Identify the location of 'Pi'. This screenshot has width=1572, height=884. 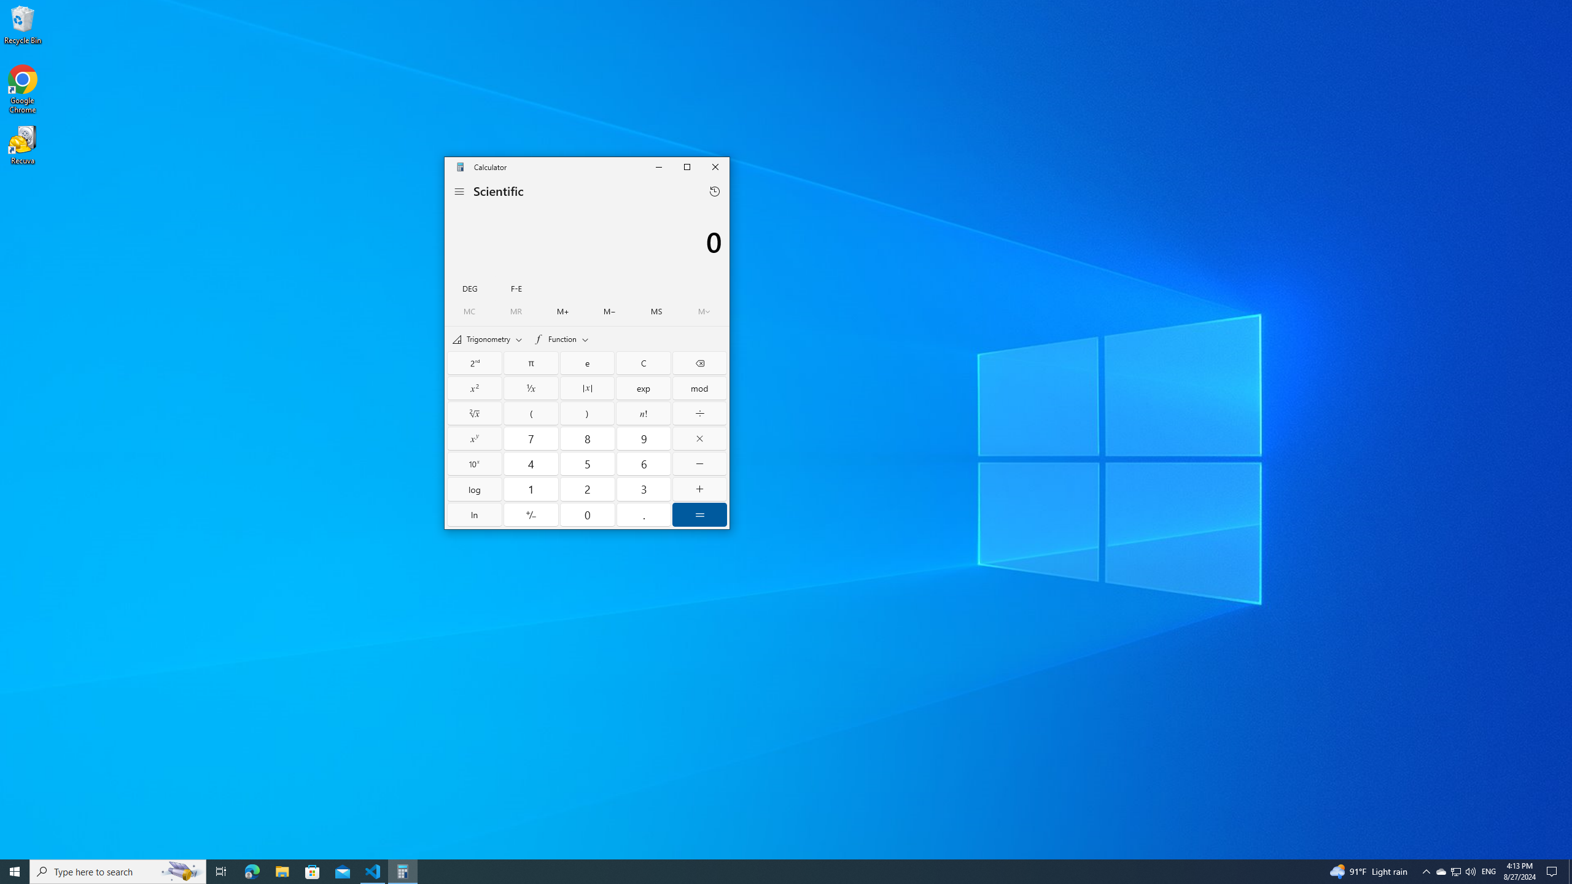
(531, 362).